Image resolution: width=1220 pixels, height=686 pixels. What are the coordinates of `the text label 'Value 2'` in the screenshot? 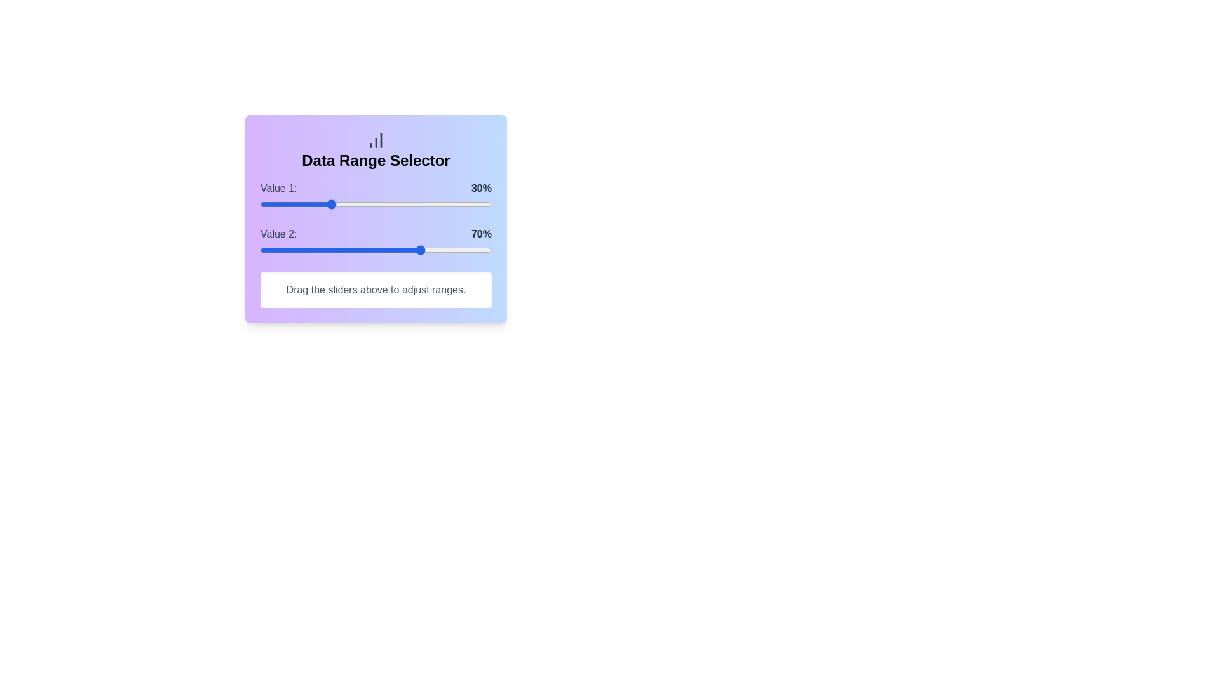 It's located at (278, 234).